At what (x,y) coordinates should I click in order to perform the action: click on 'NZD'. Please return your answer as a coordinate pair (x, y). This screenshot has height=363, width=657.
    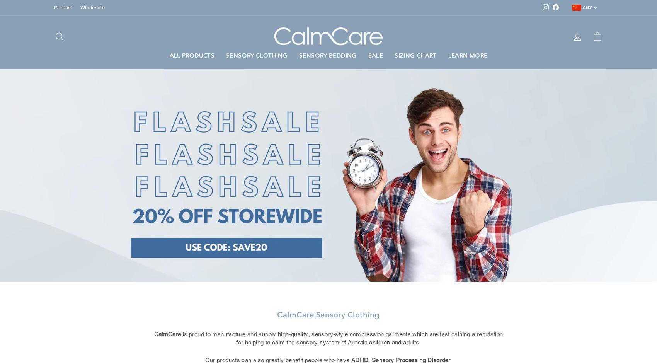
    Looking at the image, I should click on (580, 65).